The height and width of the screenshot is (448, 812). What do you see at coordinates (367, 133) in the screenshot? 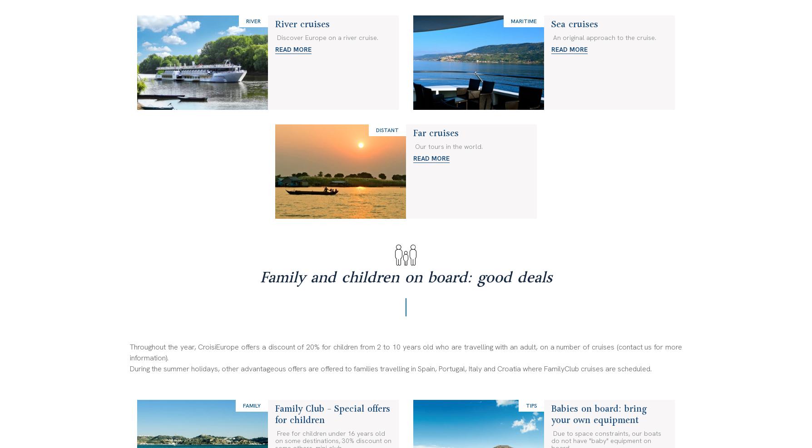
I see `'Follow us:'` at bounding box center [367, 133].